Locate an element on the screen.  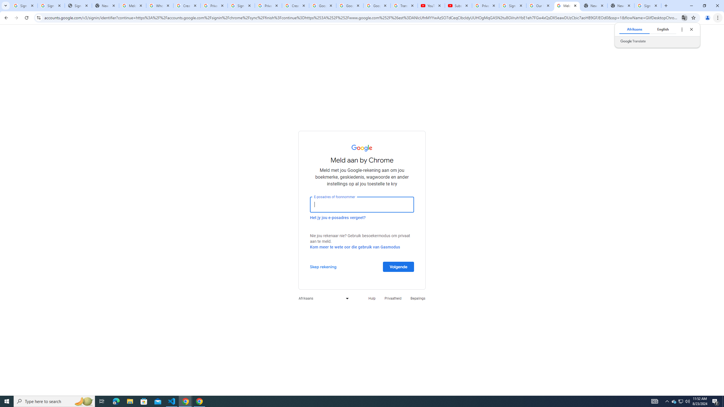
'YouTube' is located at coordinates (431, 5).